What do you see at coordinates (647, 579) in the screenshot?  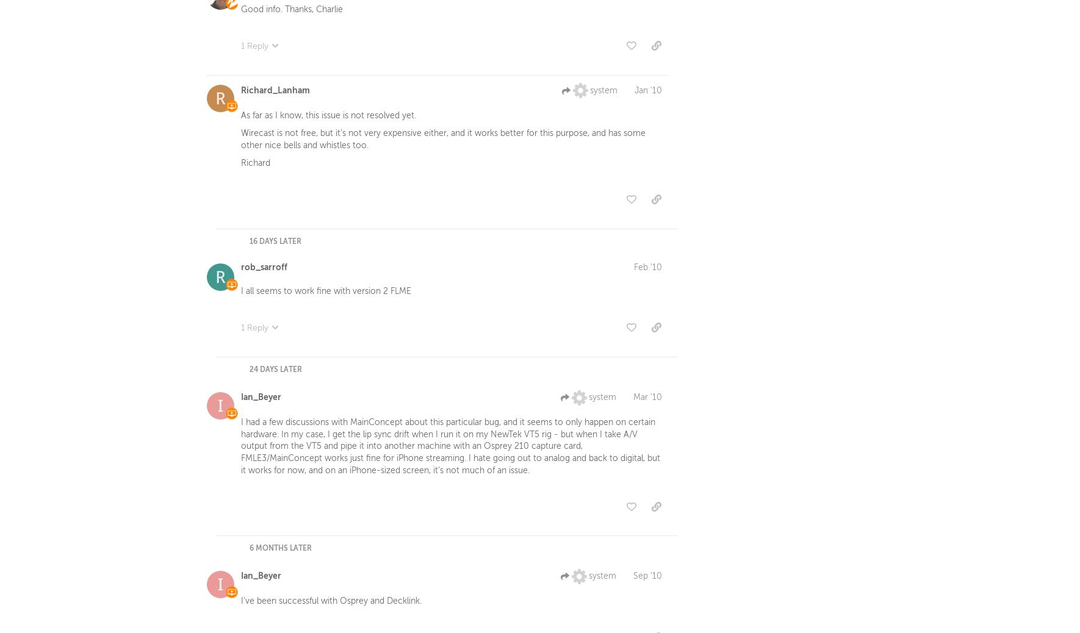 I see `'Sep '10'` at bounding box center [647, 579].